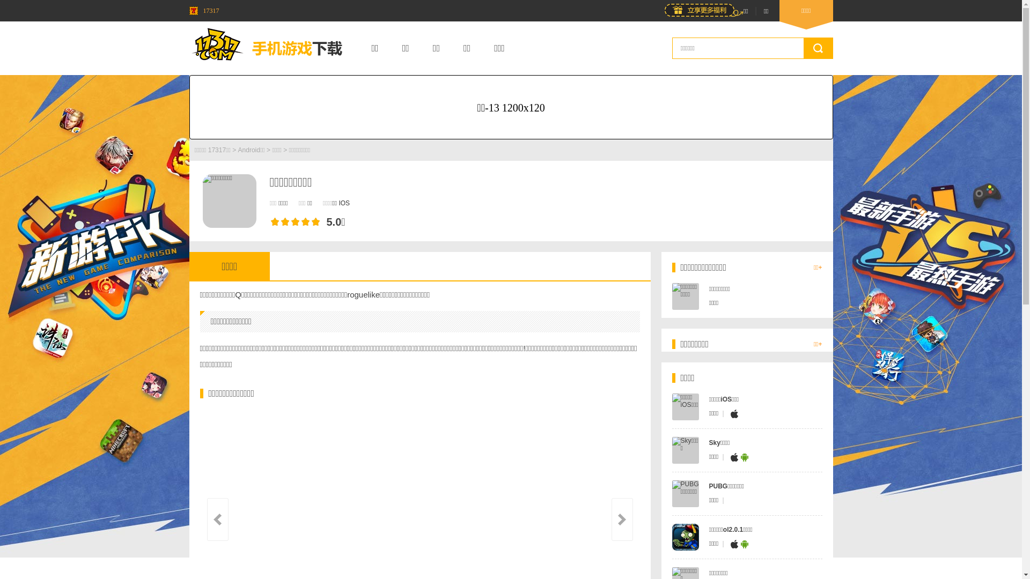 The height and width of the screenshot is (579, 1030). Describe the element at coordinates (203, 10) in the screenshot. I see `'17317'` at that location.